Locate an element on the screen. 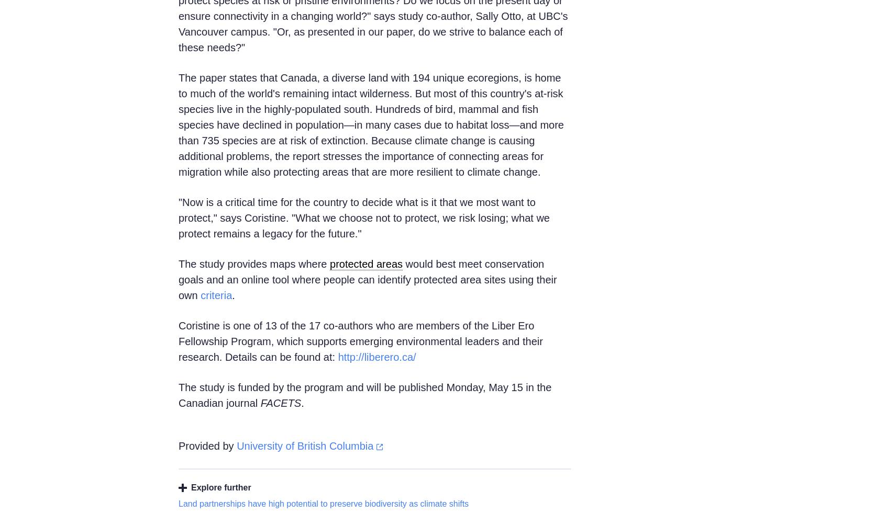 The width and height of the screenshot is (886, 514). 'http://liberero.ca/' is located at coordinates (337, 356).